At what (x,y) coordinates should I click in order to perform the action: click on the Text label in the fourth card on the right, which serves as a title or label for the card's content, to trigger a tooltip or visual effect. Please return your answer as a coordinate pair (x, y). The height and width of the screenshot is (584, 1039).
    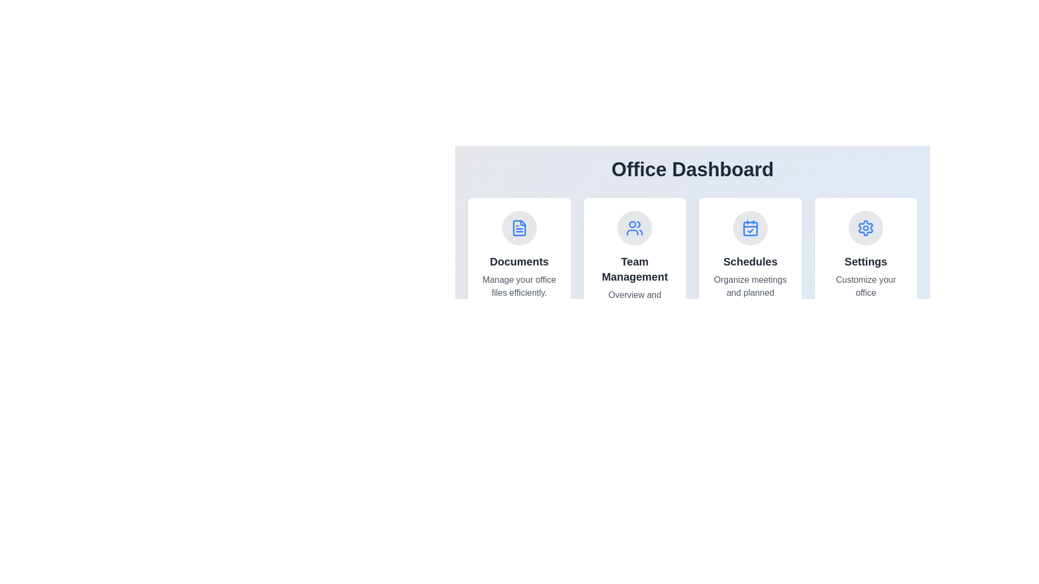
    Looking at the image, I should click on (866, 261).